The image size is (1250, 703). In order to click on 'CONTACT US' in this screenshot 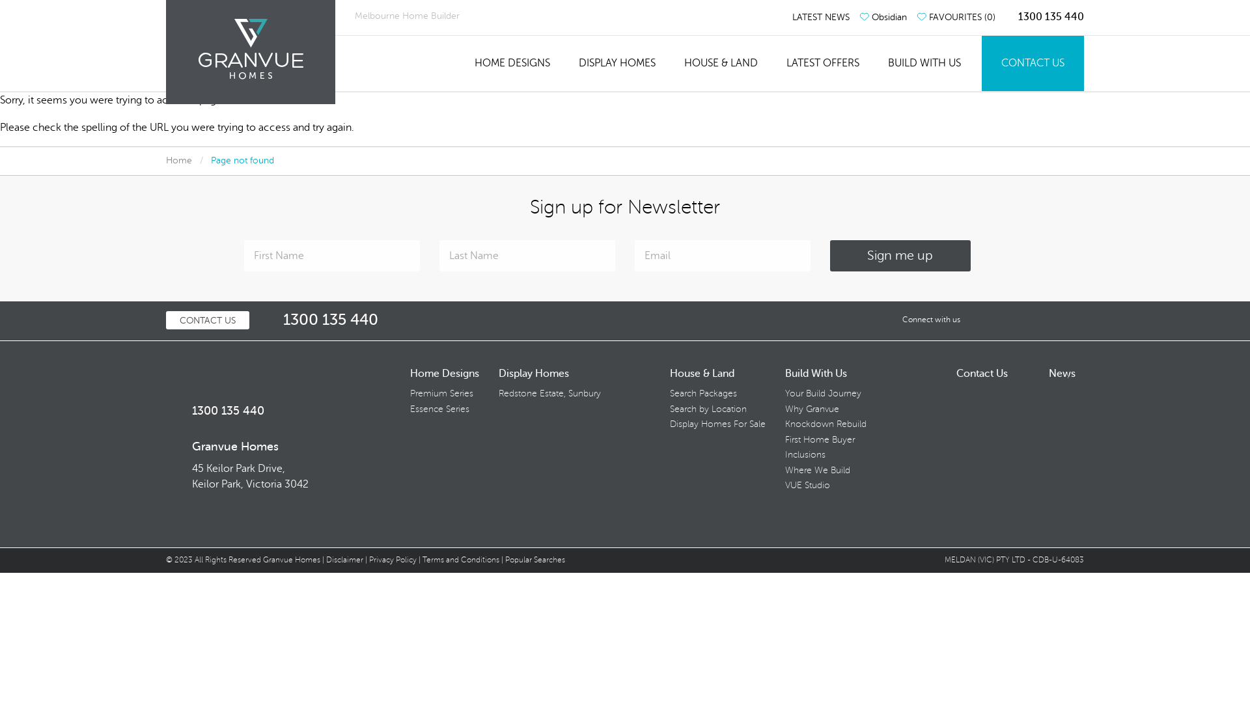, I will do `click(206, 320)`.